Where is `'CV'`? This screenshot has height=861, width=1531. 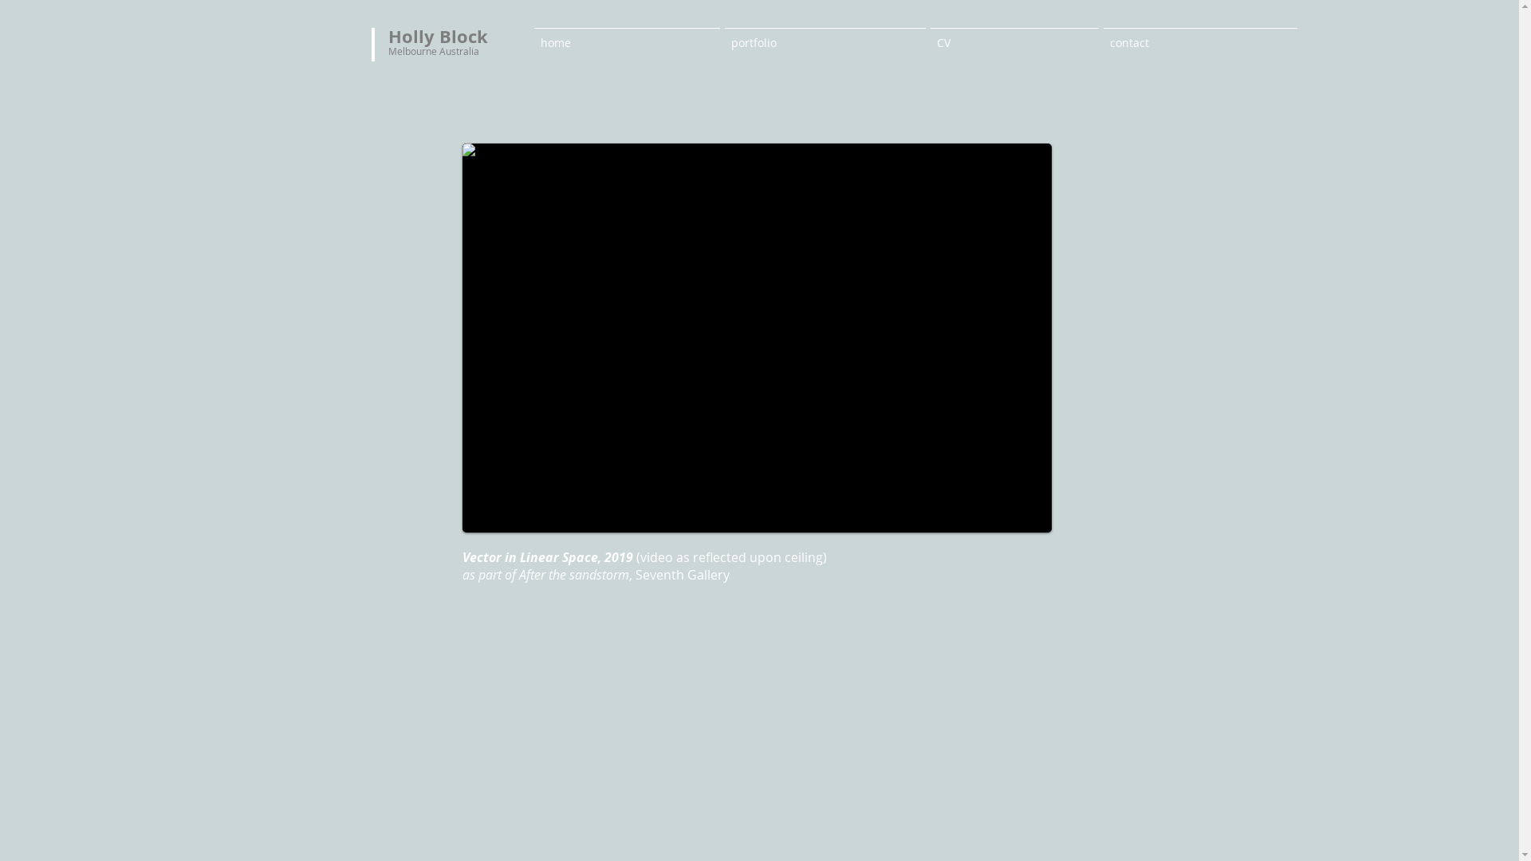 'CV' is located at coordinates (1013, 35).